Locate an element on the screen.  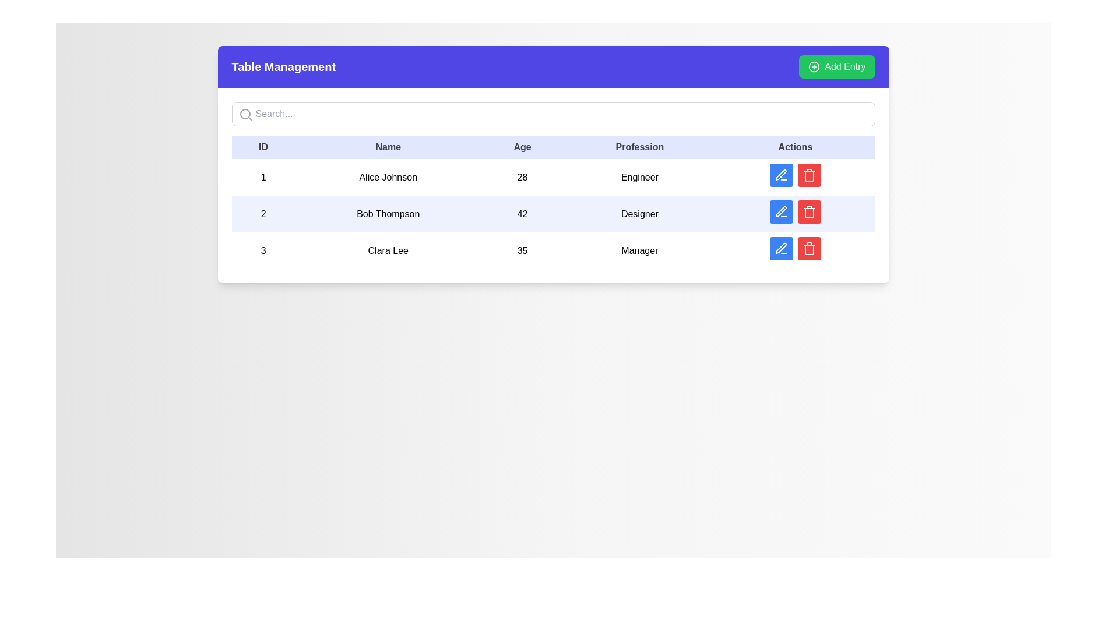
the table row displaying details for 'Clara Lee' is located at coordinates (553, 250).